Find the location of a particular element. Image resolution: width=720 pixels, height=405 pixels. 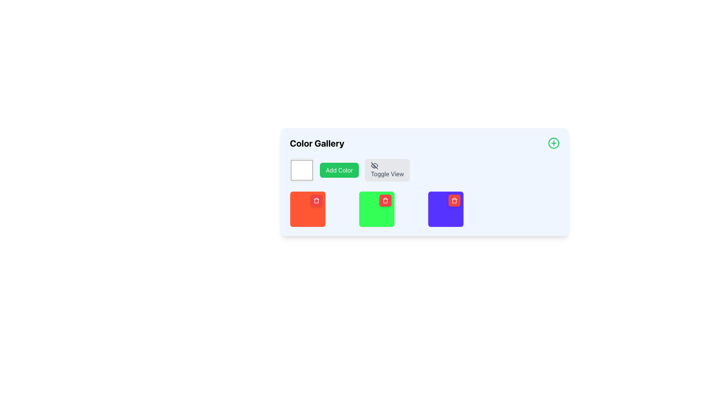

the second selectable color block with a trash icon button, which is a green rounded square located in the color selection panel is located at coordinates (376, 209).